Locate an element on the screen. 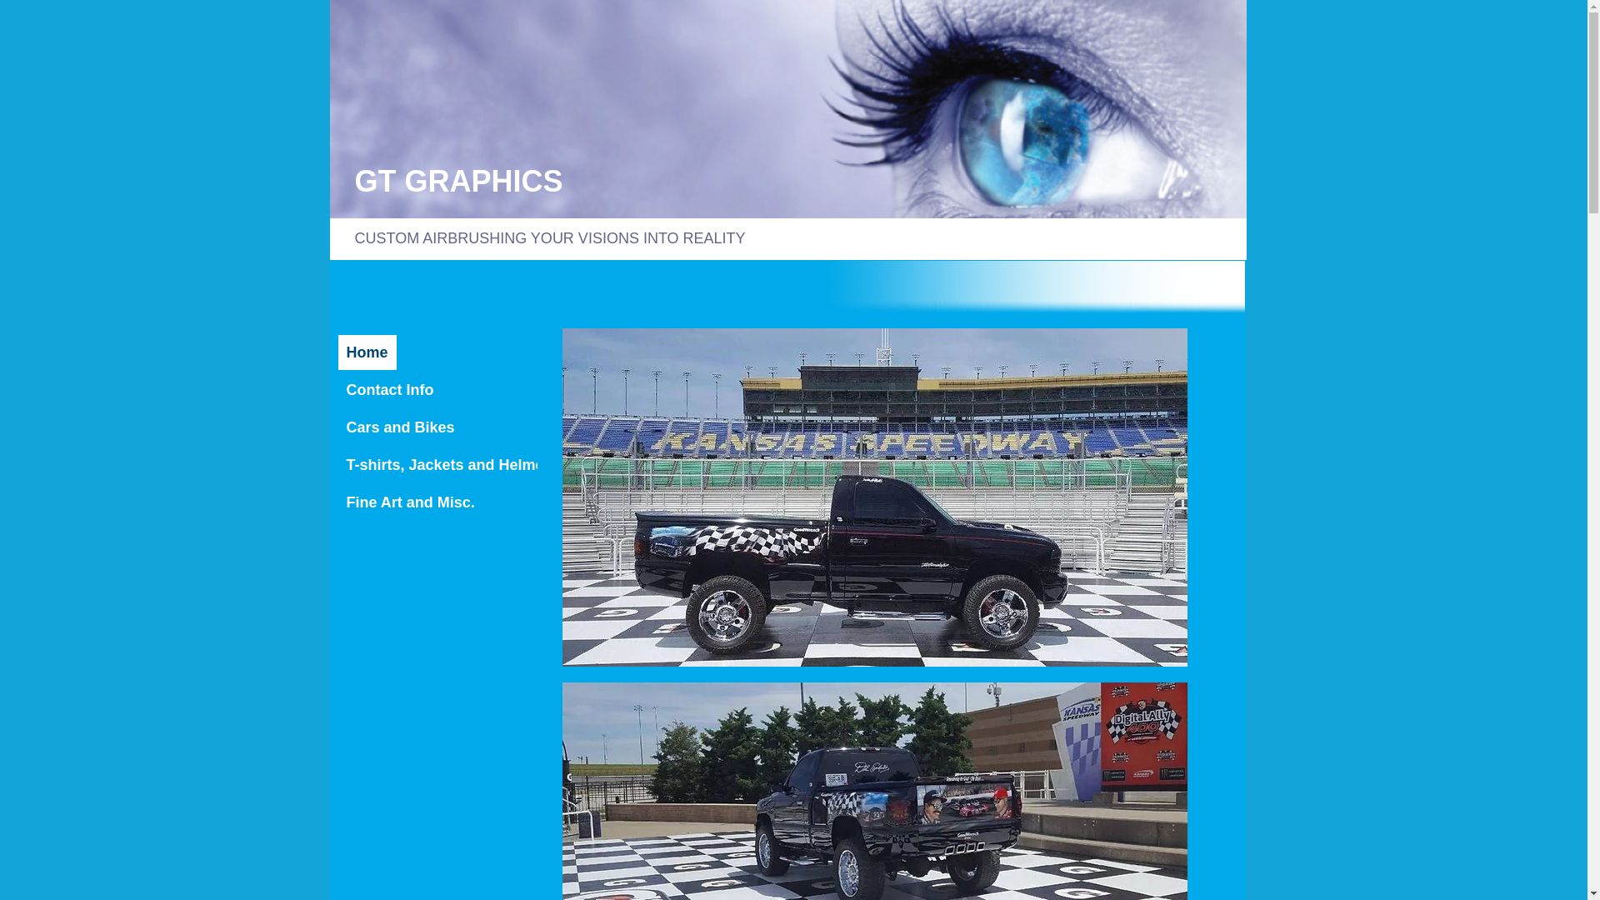  'T-shirts, Jackets and Helmets' is located at coordinates (452, 465).